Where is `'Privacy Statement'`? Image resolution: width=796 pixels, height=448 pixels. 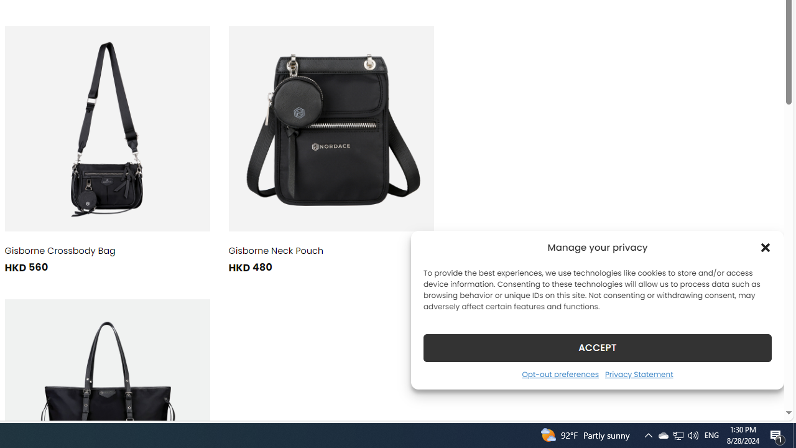 'Privacy Statement' is located at coordinates (639, 373).